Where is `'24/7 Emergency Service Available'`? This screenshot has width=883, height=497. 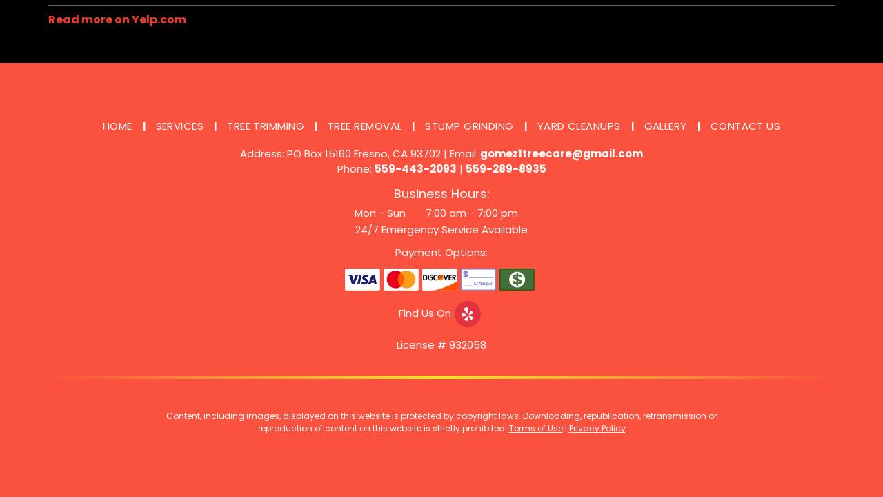 '24/7 Emergency Service Available' is located at coordinates (355, 228).